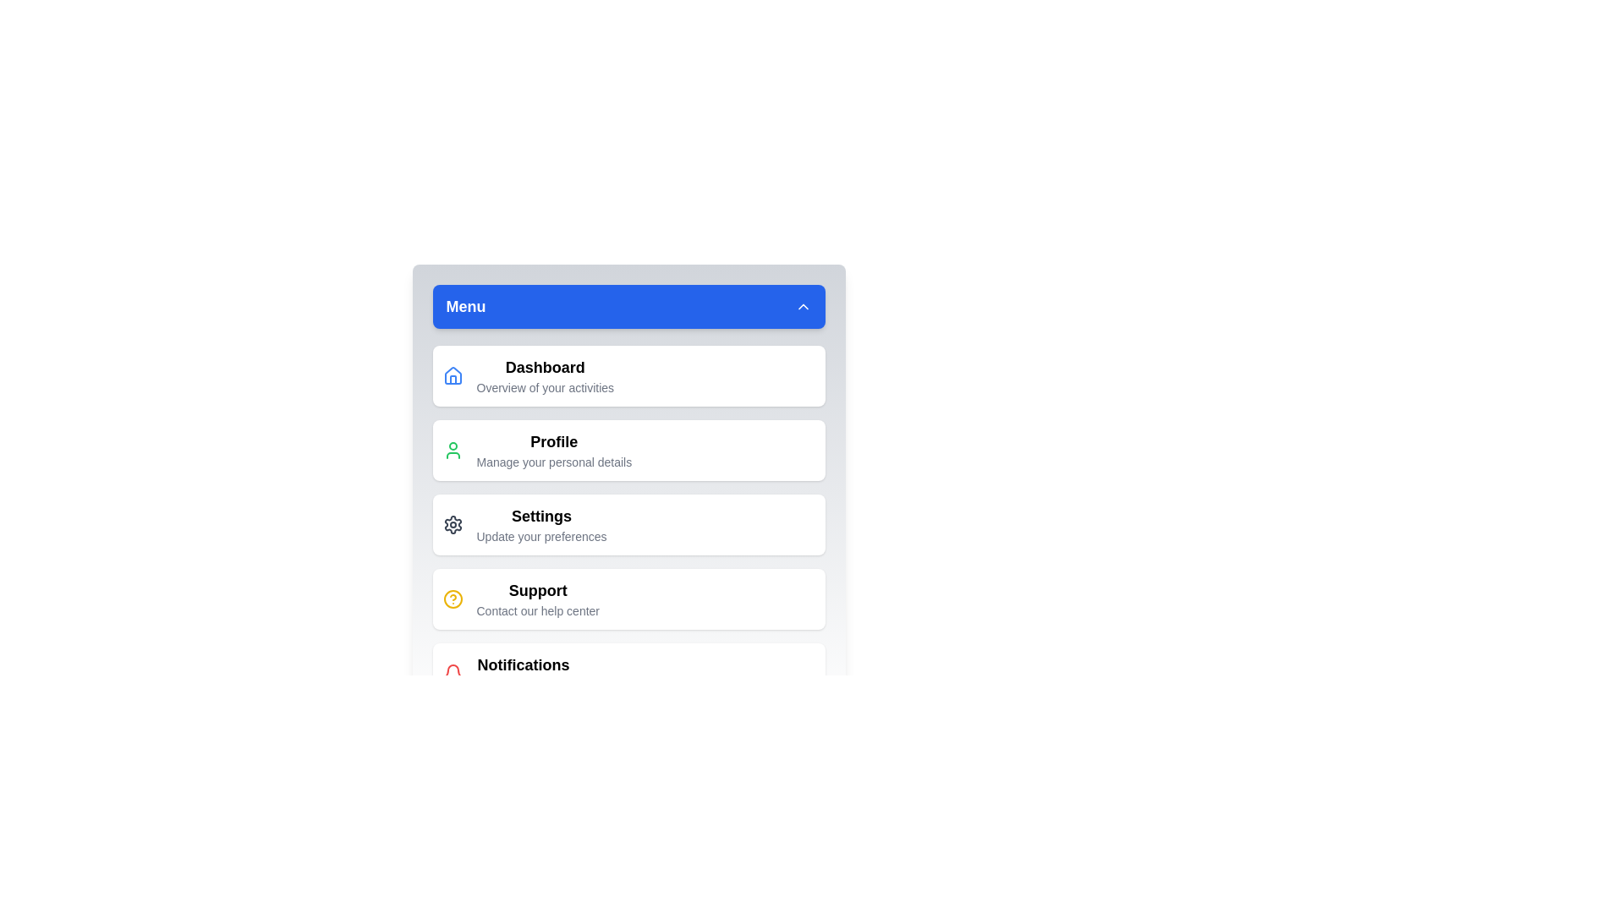 This screenshot has width=1624, height=913. I want to click on text of the Text label styled heading that identifies the Dashboard section in the menu, positioned above the Overview of your activities text, so click(545, 367).